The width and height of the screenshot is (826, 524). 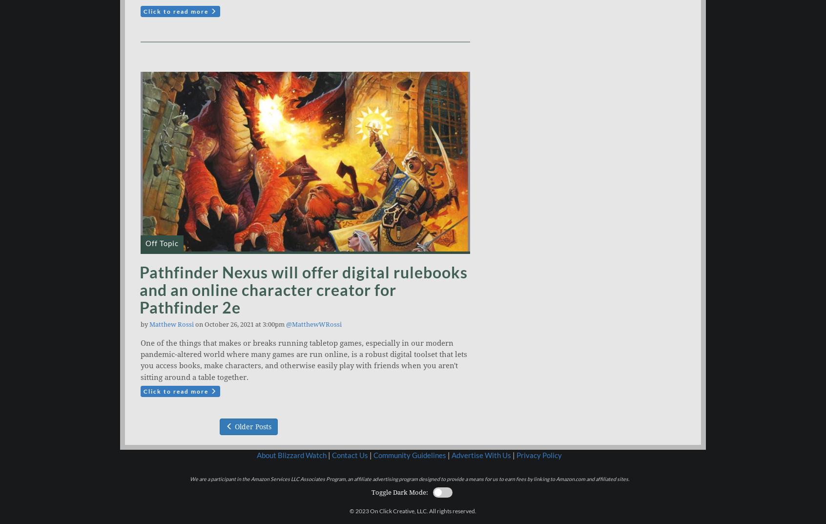 I want to click on 'Contact Us', so click(x=332, y=455).